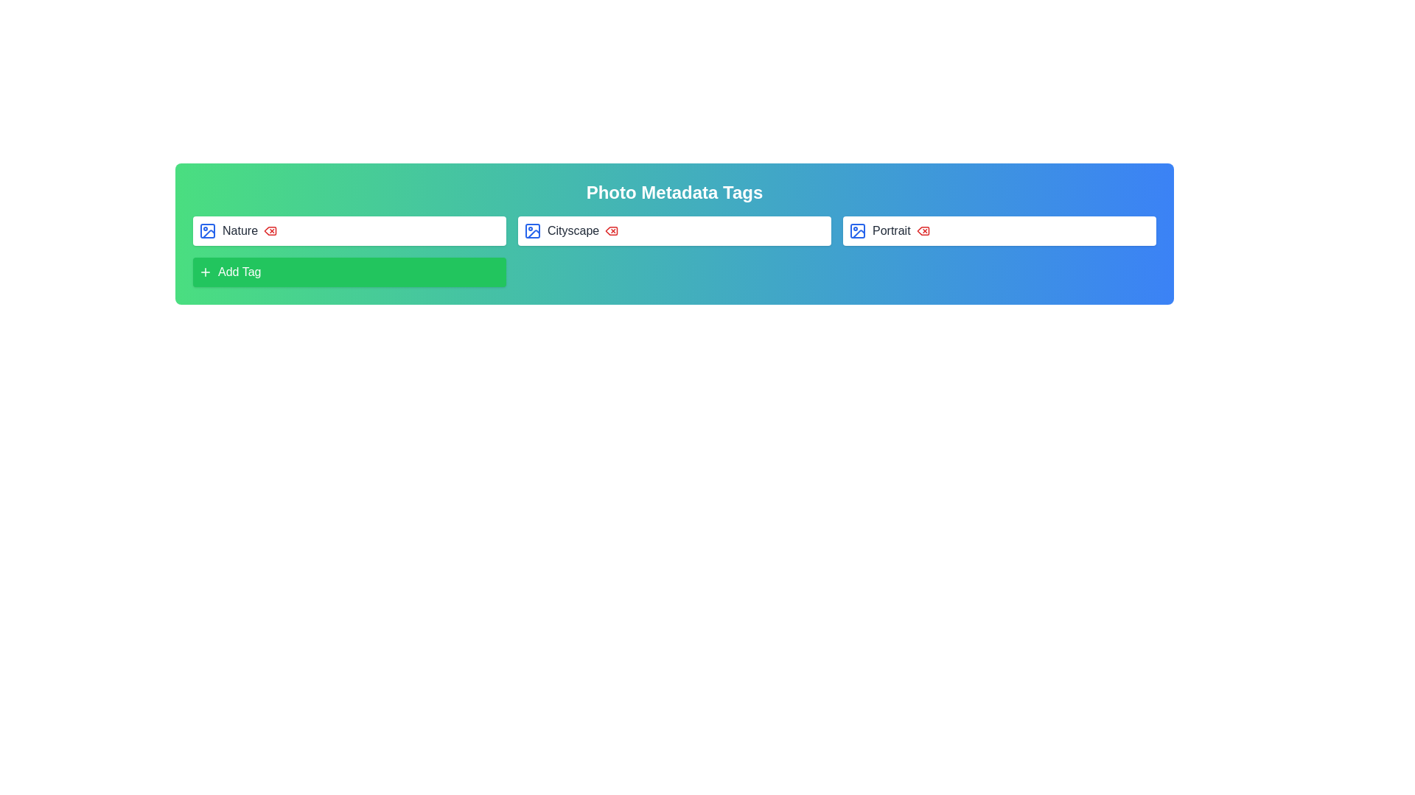 The height and width of the screenshot is (795, 1415). Describe the element at coordinates (349, 272) in the screenshot. I see `the green rectangular 'Add Tag' button with a white plus symbol` at that location.